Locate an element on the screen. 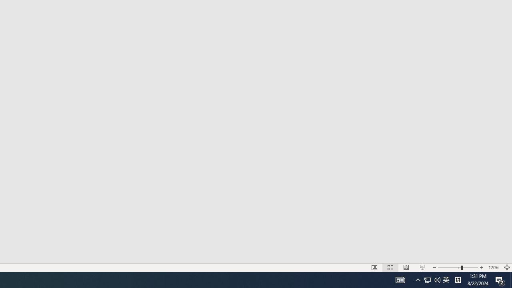 This screenshot has height=288, width=512. 'Zoom 120%' is located at coordinates (493, 268).